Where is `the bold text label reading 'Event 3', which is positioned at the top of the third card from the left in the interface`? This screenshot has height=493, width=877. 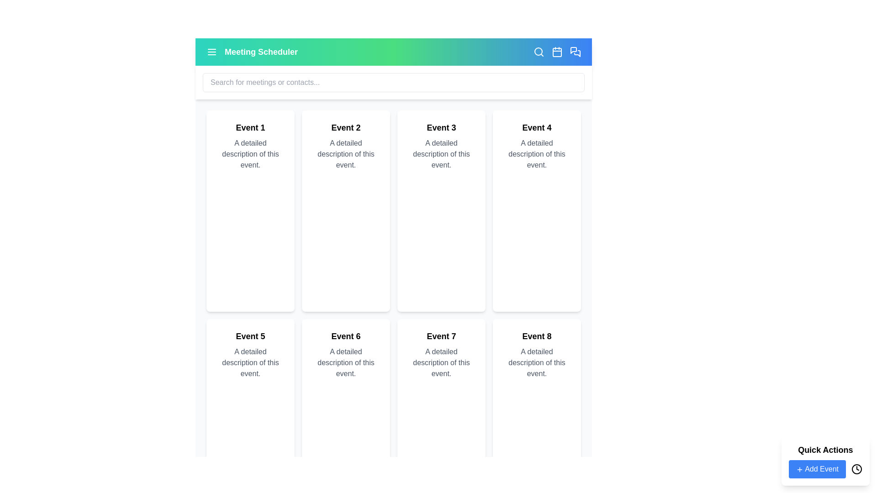
the bold text label reading 'Event 3', which is positioned at the top of the third card from the left in the interface is located at coordinates (441, 128).